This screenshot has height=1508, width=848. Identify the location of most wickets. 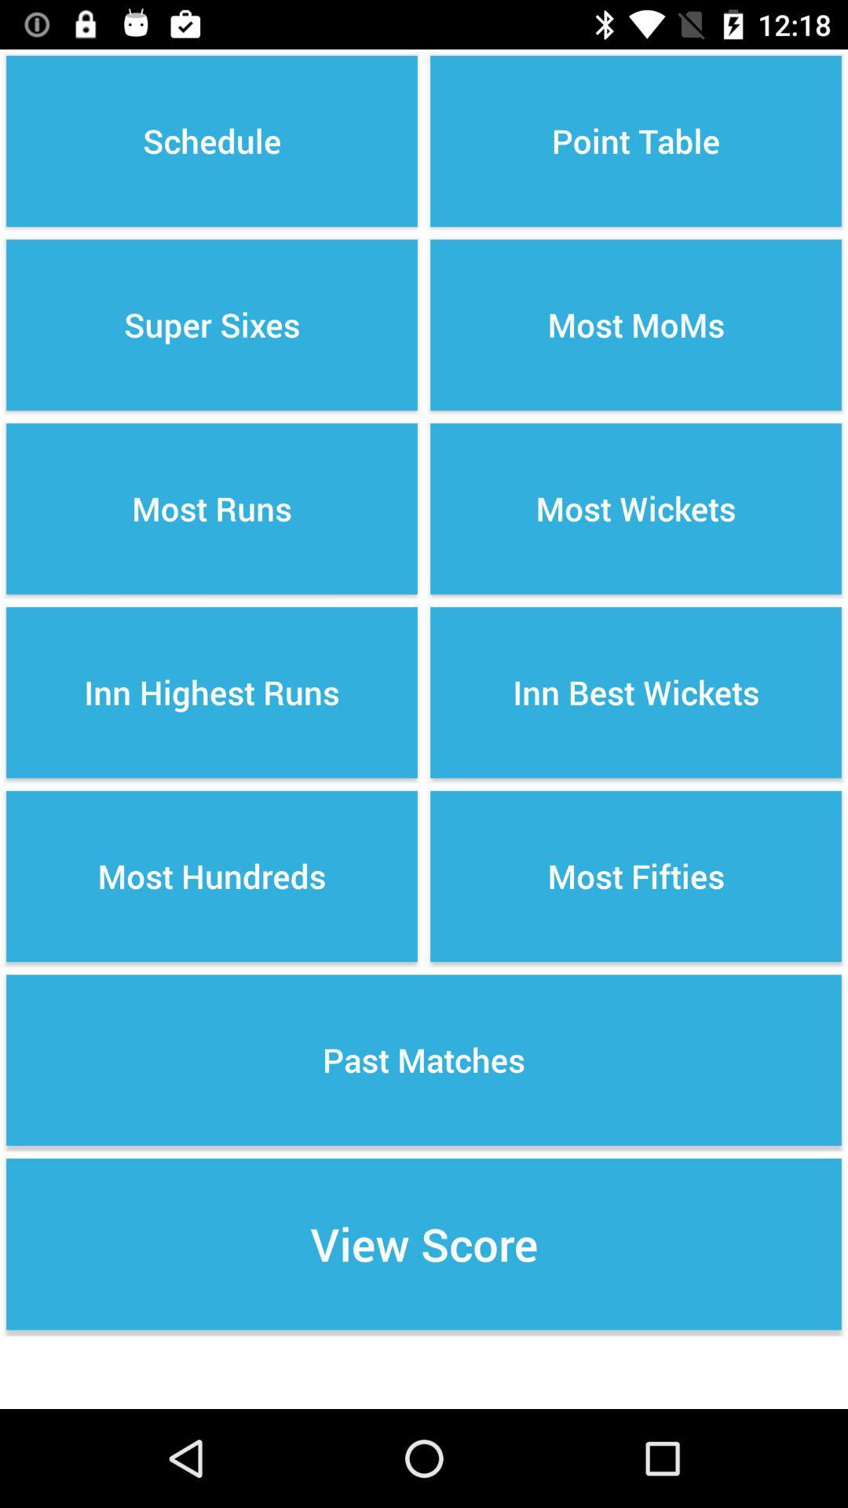
(636, 509).